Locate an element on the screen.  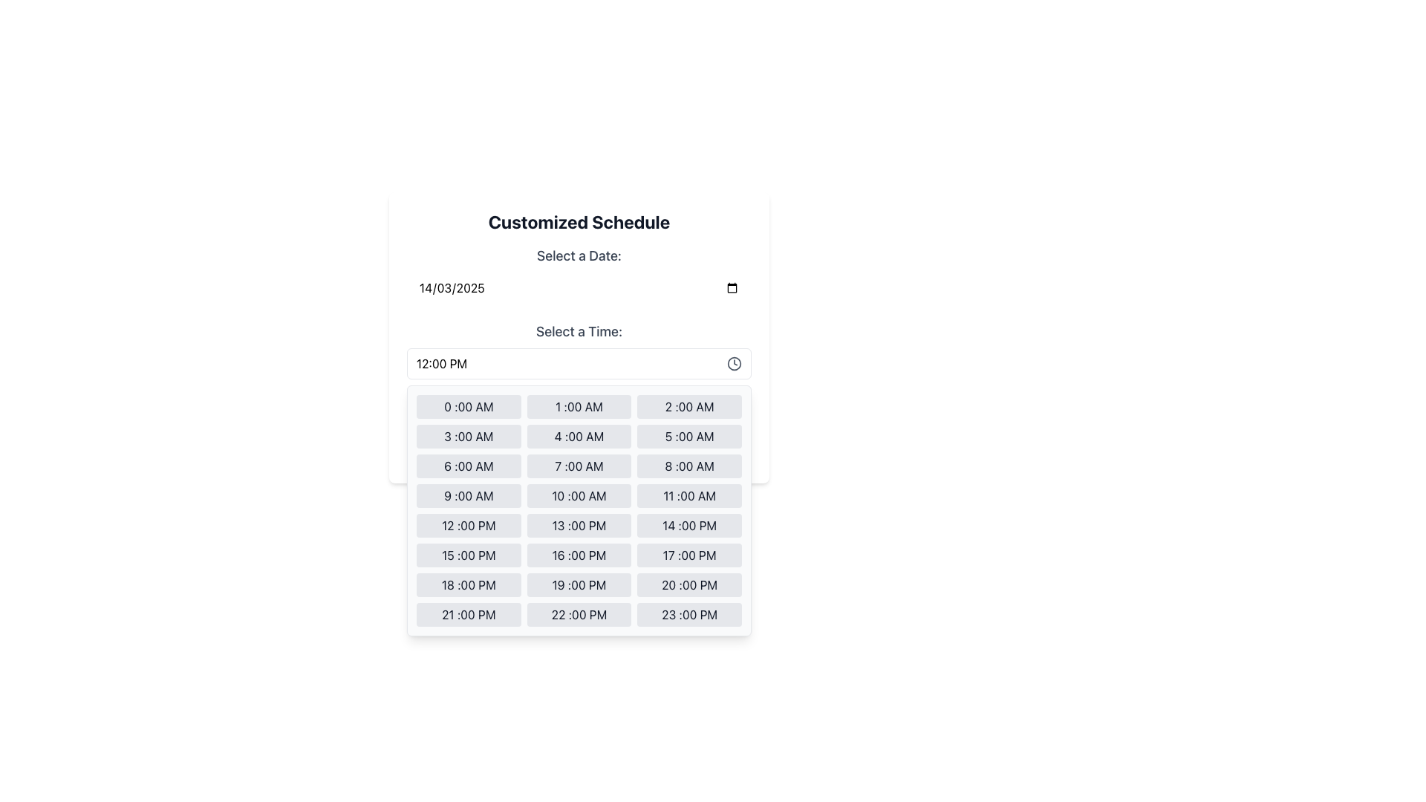
the button labeled '18 :00 PM' which is the 19th button in a grid layout of 24 buttons representing hourly times is located at coordinates (468, 584).